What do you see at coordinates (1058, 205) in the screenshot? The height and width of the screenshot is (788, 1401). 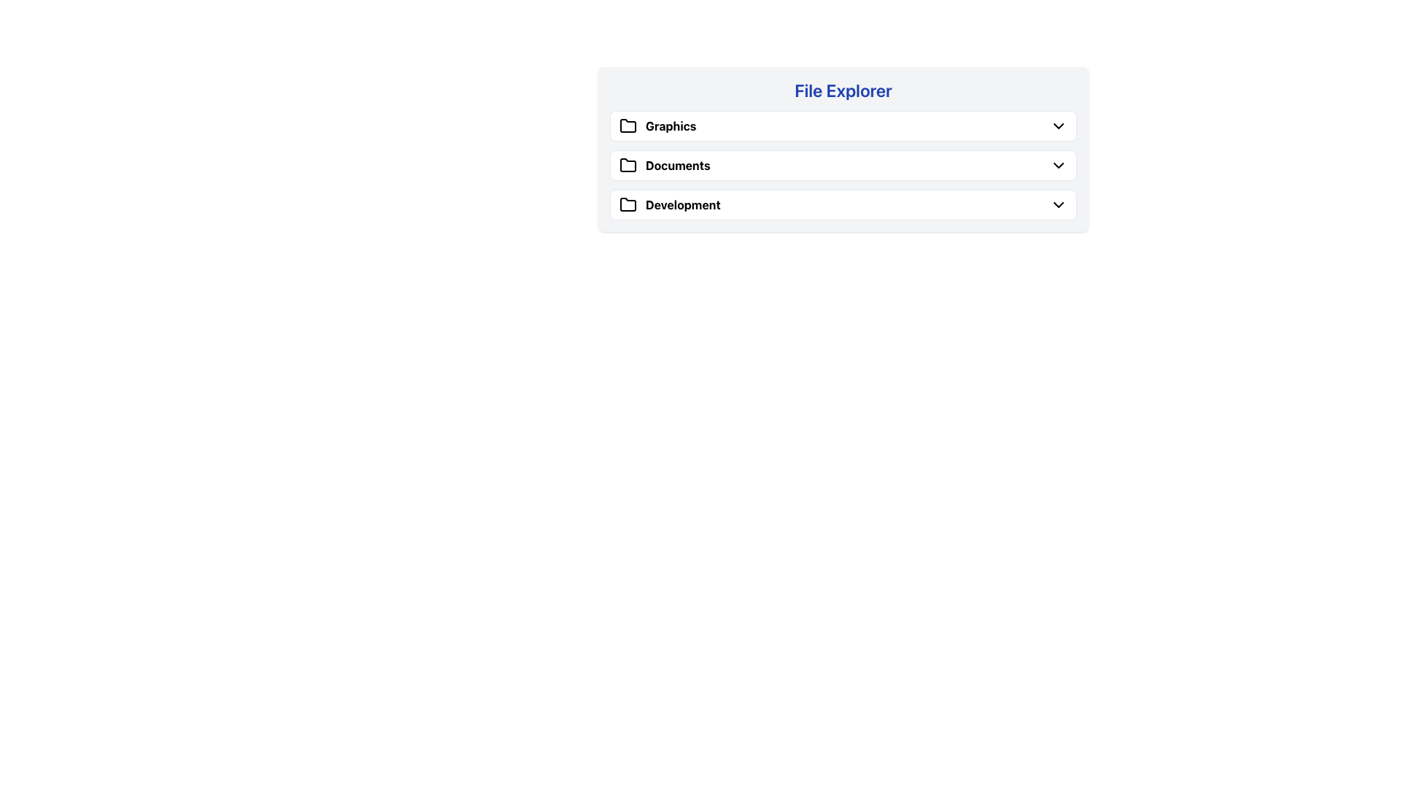 I see `the downward-facing chevron icon located at the right end of the 'Development' row in the file explorer` at bounding box center [1058, 205].